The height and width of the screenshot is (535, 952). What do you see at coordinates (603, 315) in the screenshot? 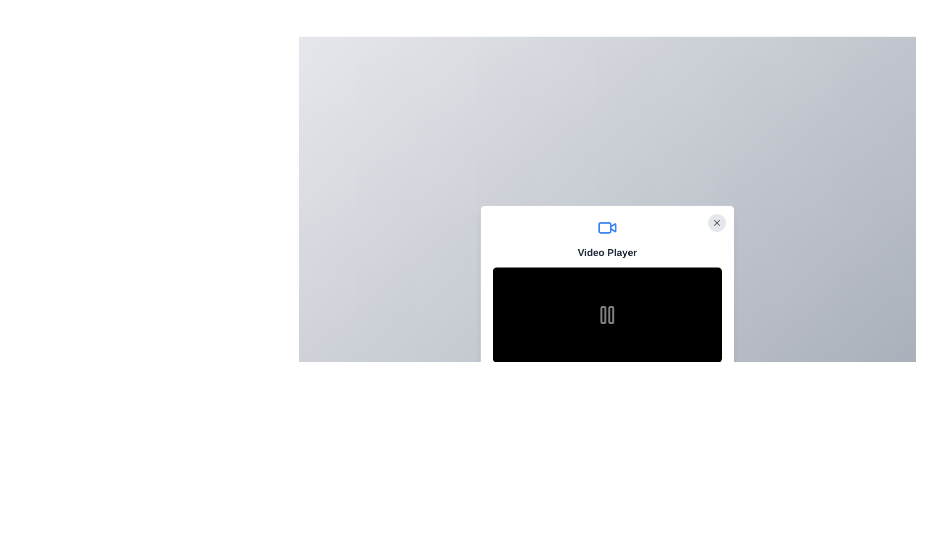
I see `the left bar of the pause button icon, which is a vertical rectangular bar with rounded corners located within the video player control area` at bounding box center [603, 315].